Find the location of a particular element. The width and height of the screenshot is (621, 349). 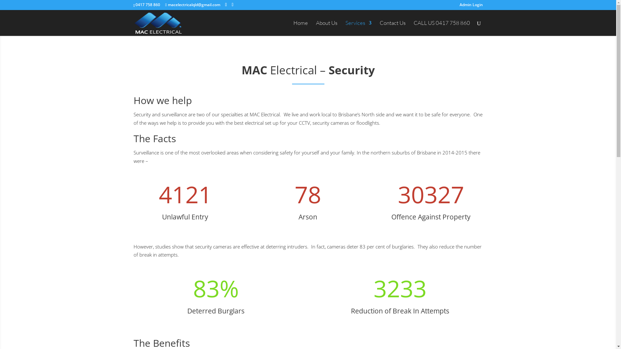

'Admin Login' is located at coordinates (459, 6).